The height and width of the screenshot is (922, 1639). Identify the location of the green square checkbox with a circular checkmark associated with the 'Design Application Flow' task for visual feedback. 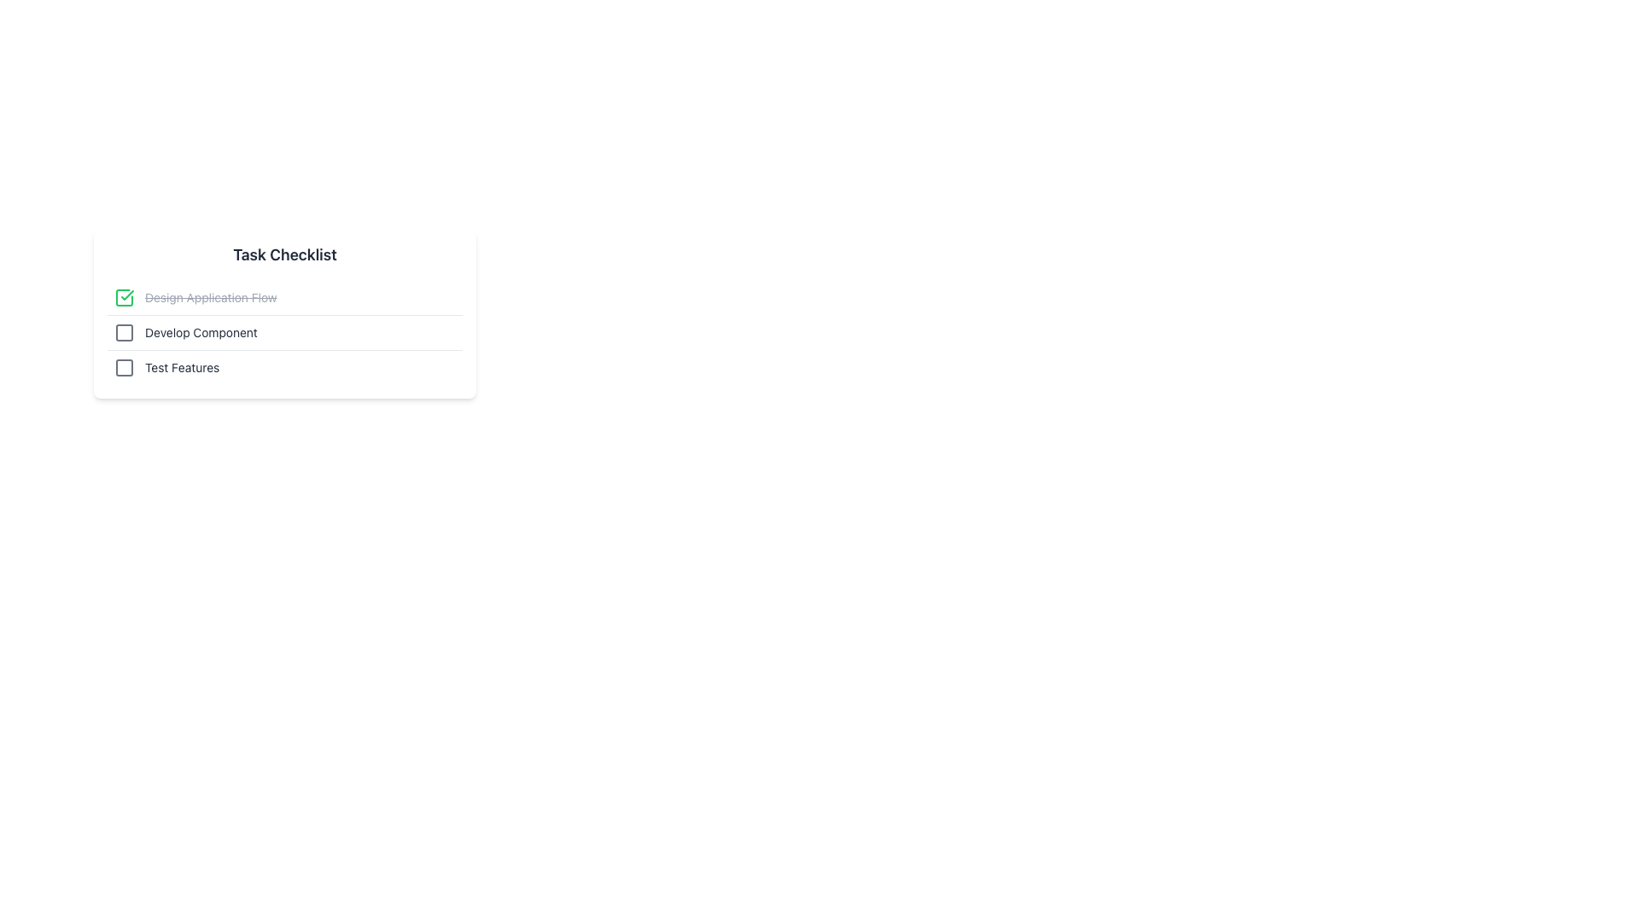
(123, 296).